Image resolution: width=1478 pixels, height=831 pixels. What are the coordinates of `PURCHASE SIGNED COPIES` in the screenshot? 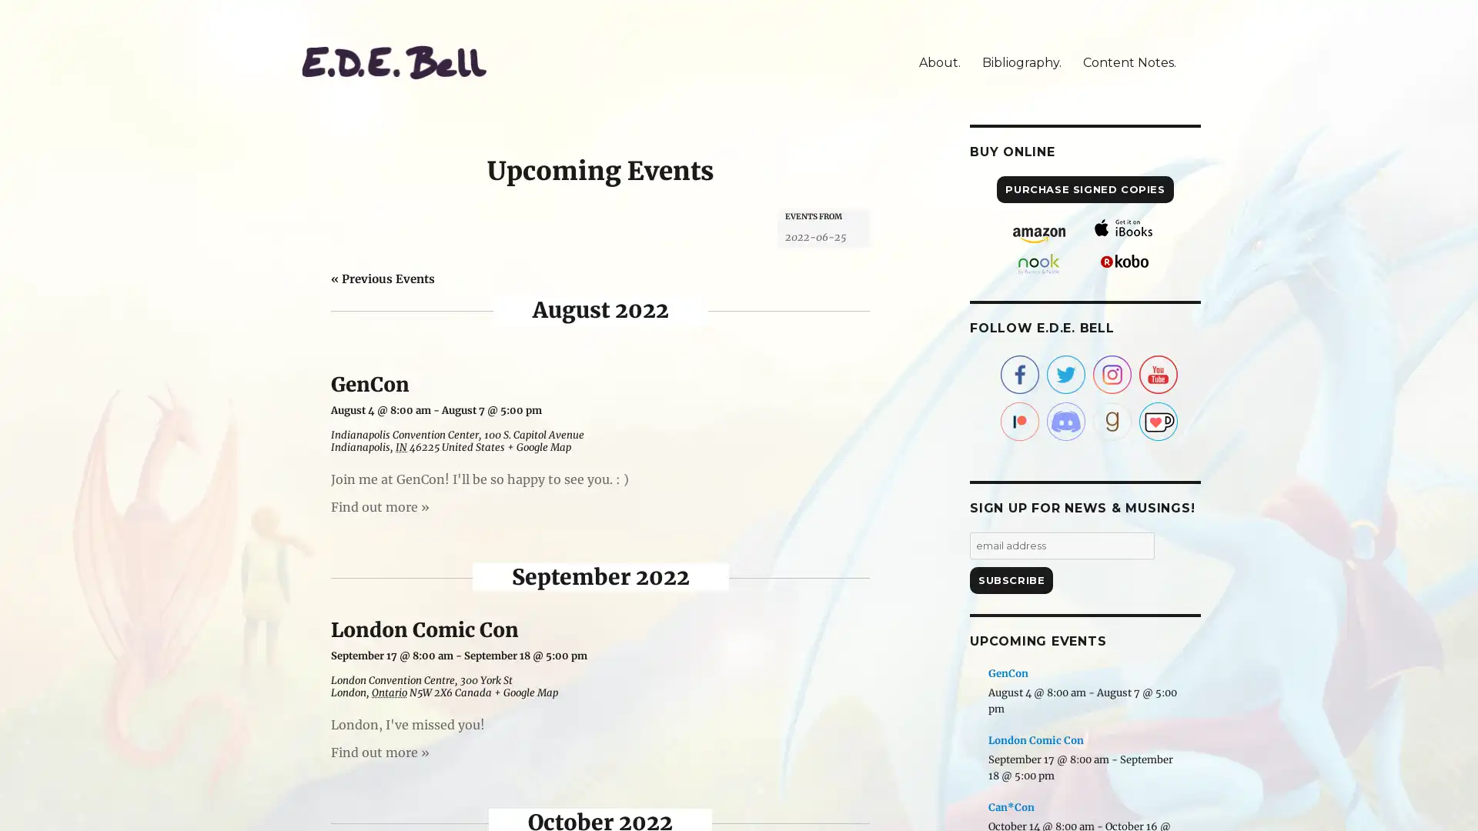 It's located at (1084, 189).